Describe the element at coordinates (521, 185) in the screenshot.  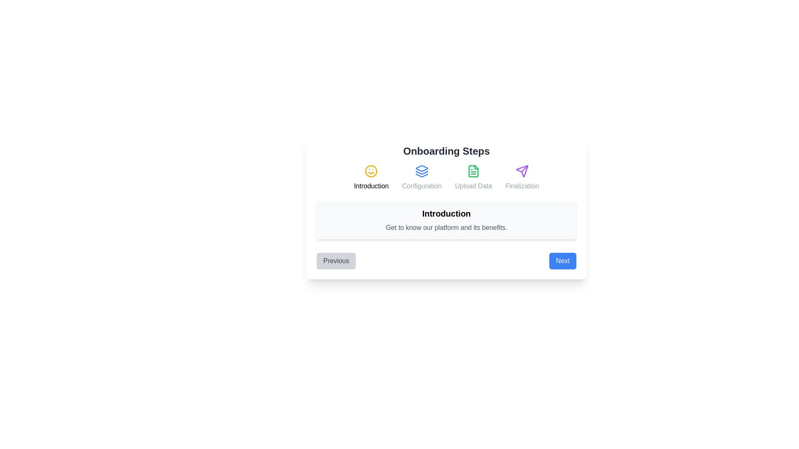
I see `the 'Finalization' text label which indicates the progress of the sequence of steps, positioned below an arrow icon and between 'Upload Data' and the next steps` at that location.